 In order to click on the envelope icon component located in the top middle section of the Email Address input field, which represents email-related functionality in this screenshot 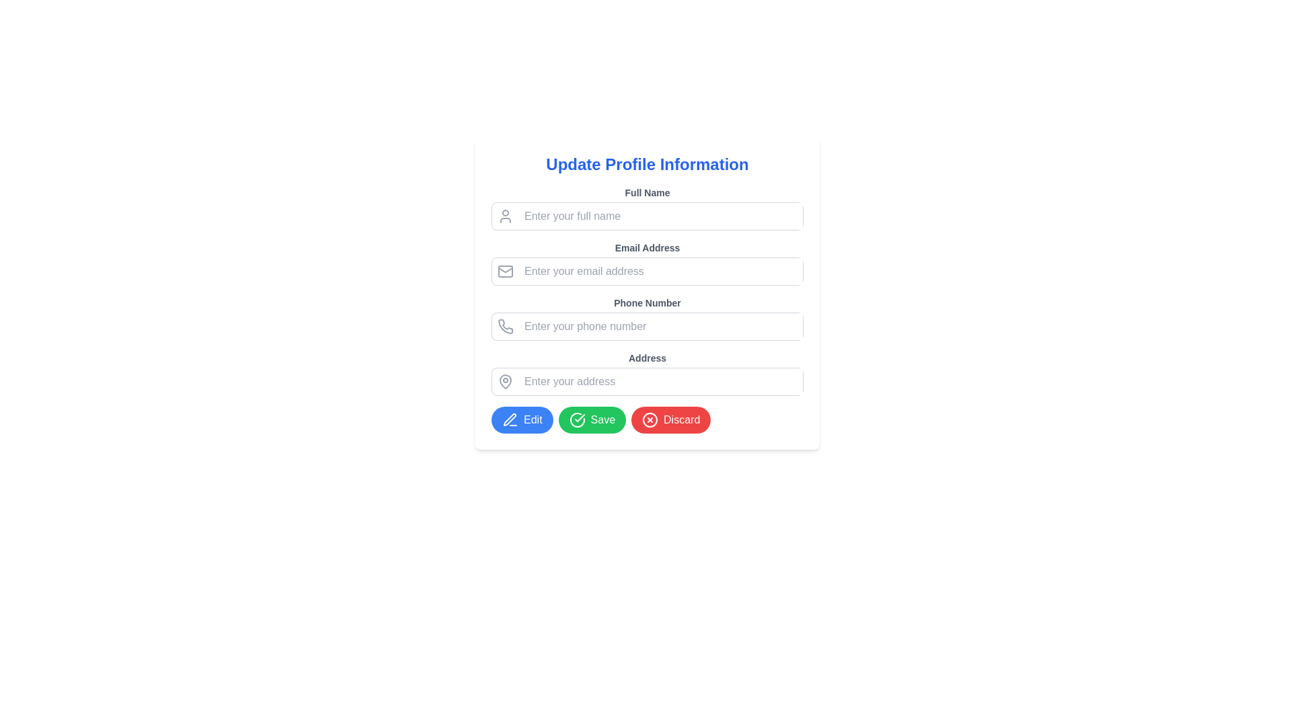, I will do `click(505, 270)`.